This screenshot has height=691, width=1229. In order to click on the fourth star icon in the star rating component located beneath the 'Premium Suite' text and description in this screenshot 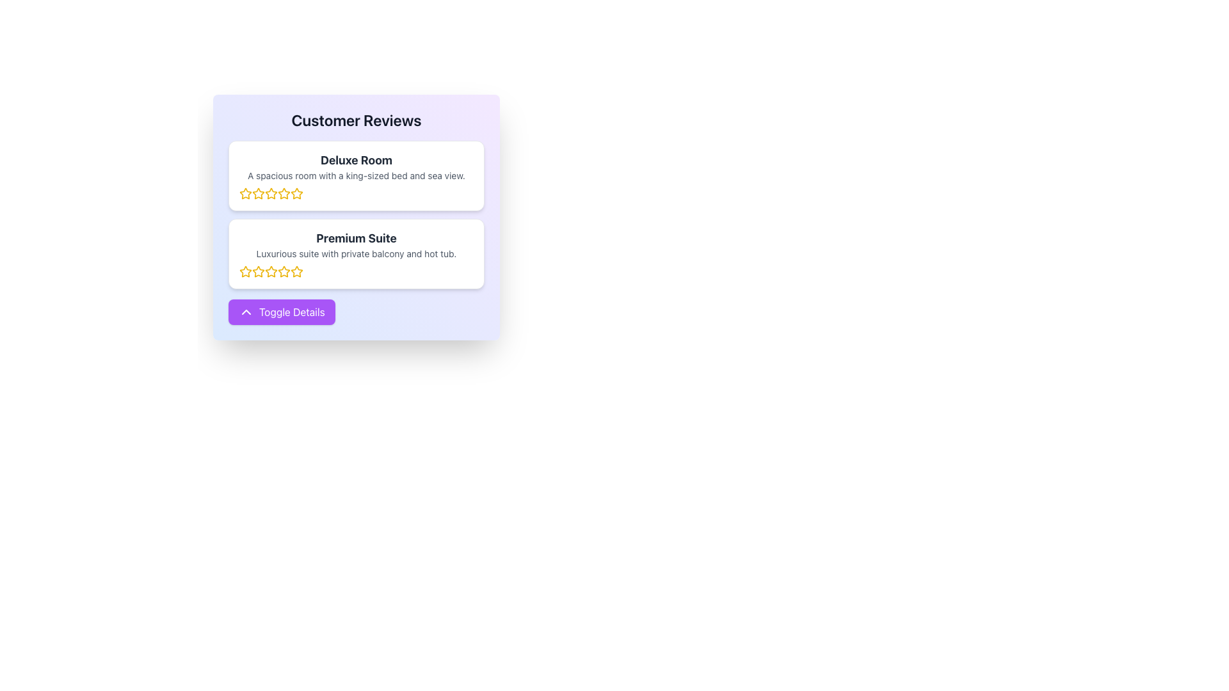, I will do `click(270, 271)`.